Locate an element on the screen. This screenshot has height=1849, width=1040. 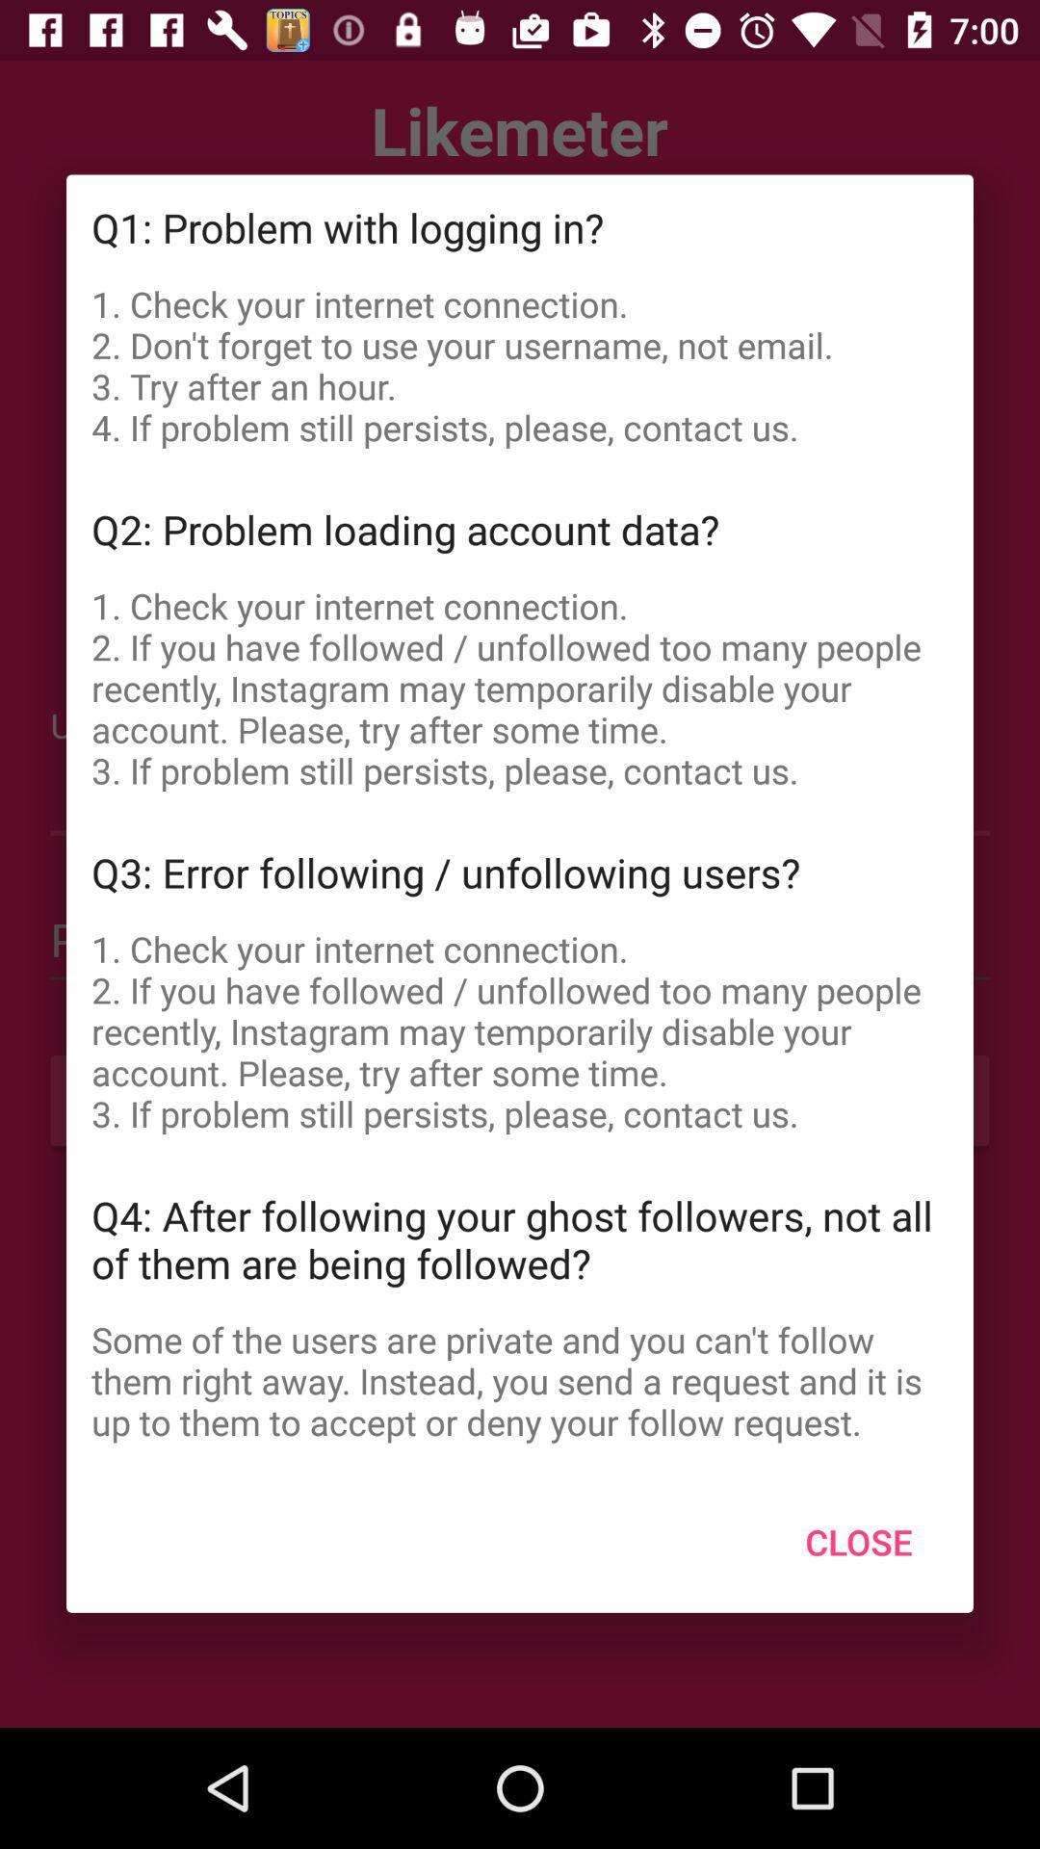
the icon below some of the is located at coordinates (858, 1542).